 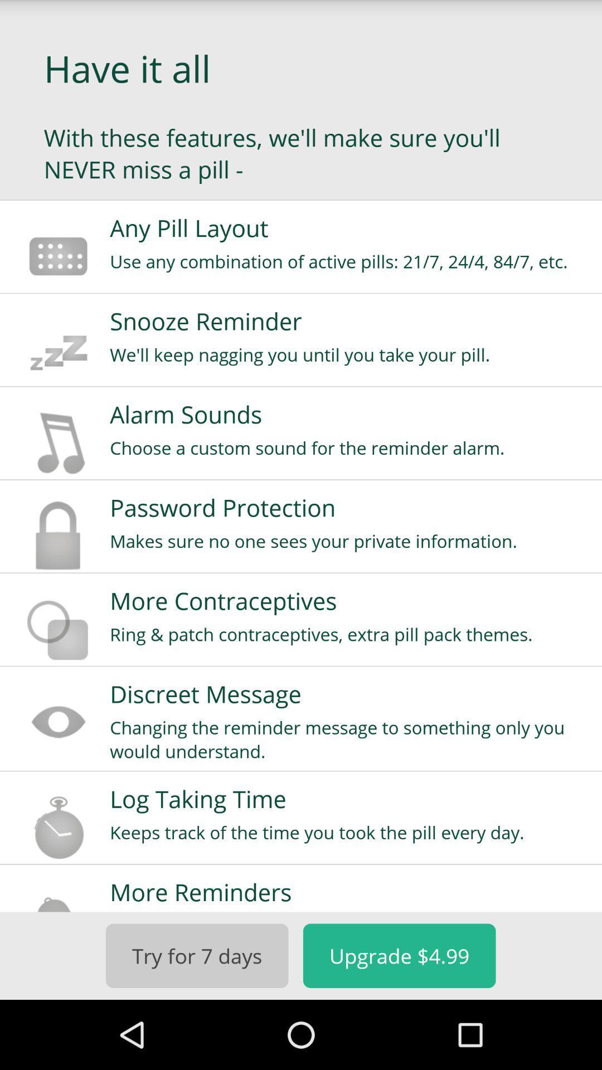 I want to click on the icon next to more reminders, so click(x=59, y=898).